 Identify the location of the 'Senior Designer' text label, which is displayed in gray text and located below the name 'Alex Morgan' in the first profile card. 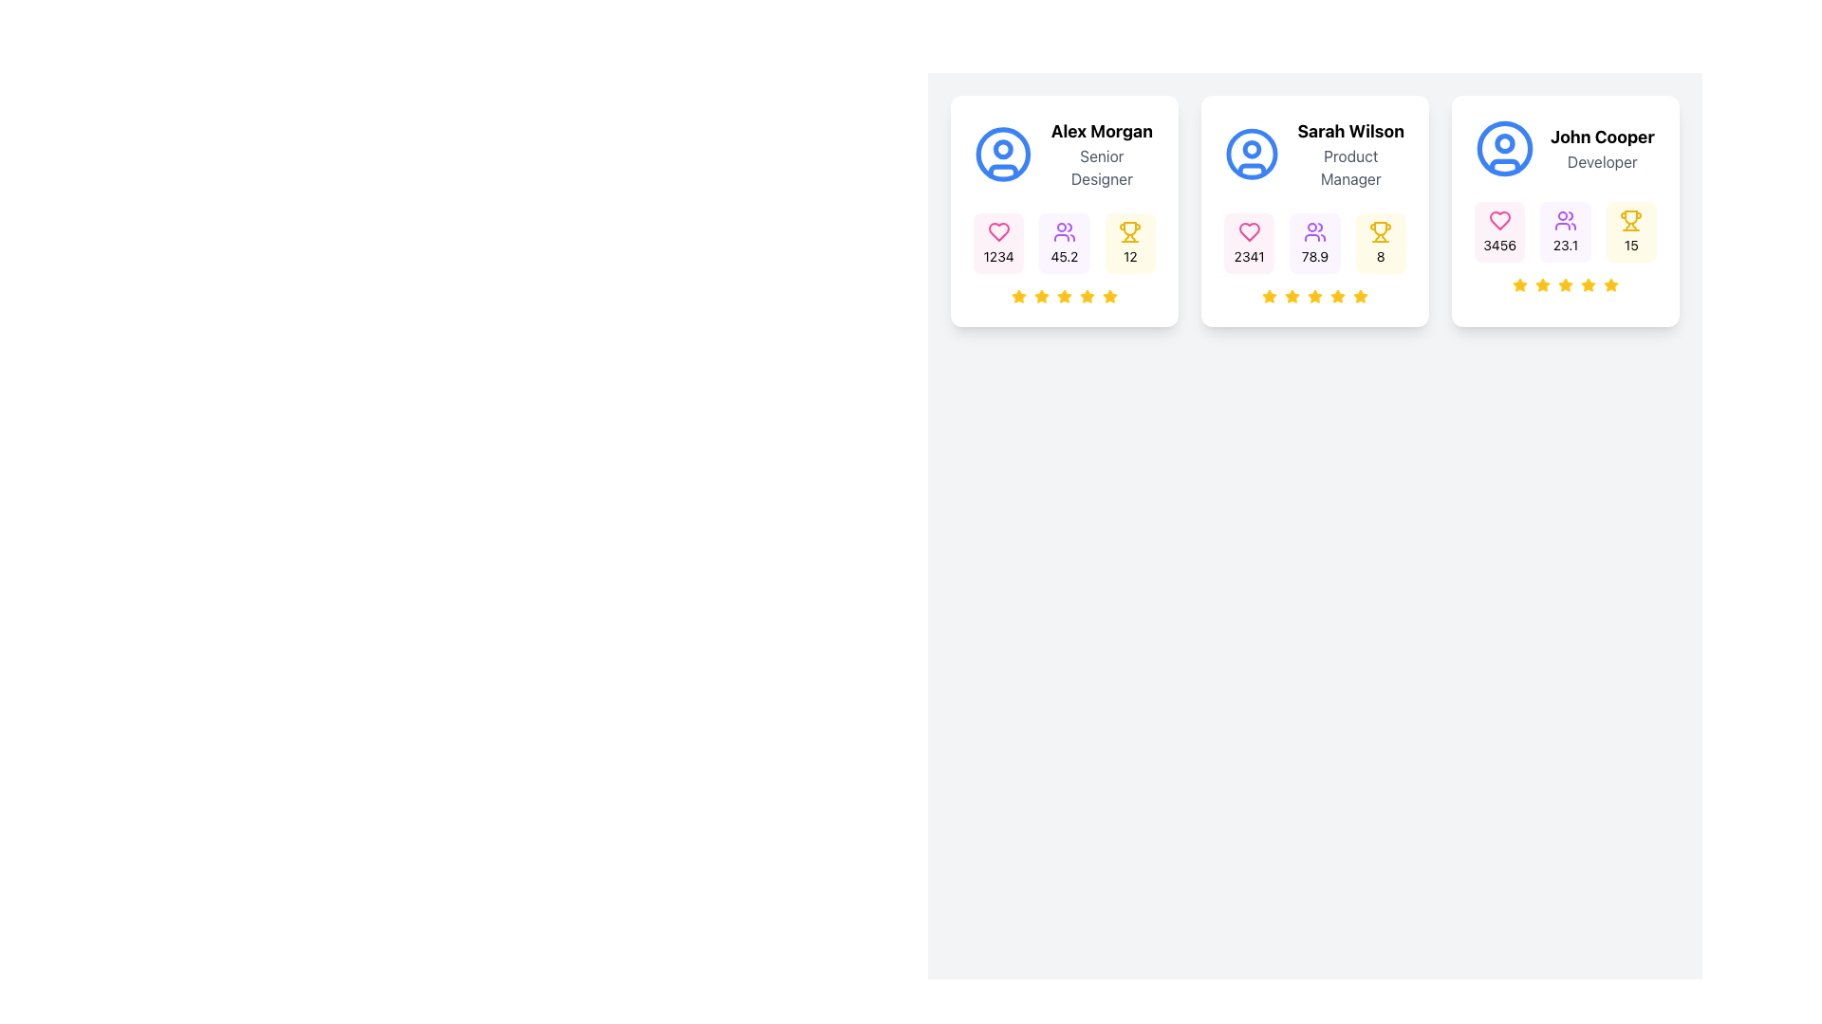
(1102, 167).